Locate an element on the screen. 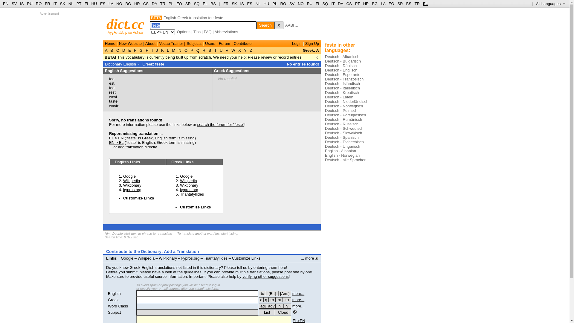 Image resolution: width=574 pixels, height=323 pixels. 'IS' is located at coordinates (22, 4).